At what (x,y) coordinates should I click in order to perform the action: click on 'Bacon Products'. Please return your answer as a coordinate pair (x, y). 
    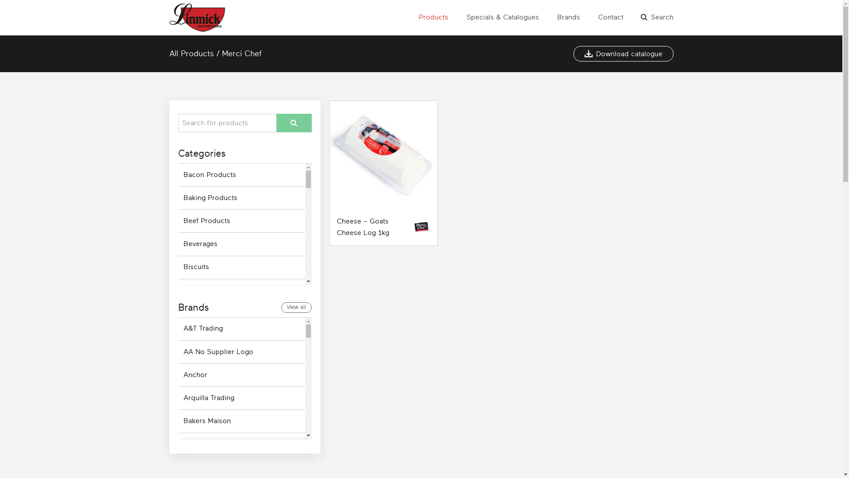
    Looking at the image, I should click on (241, 175).